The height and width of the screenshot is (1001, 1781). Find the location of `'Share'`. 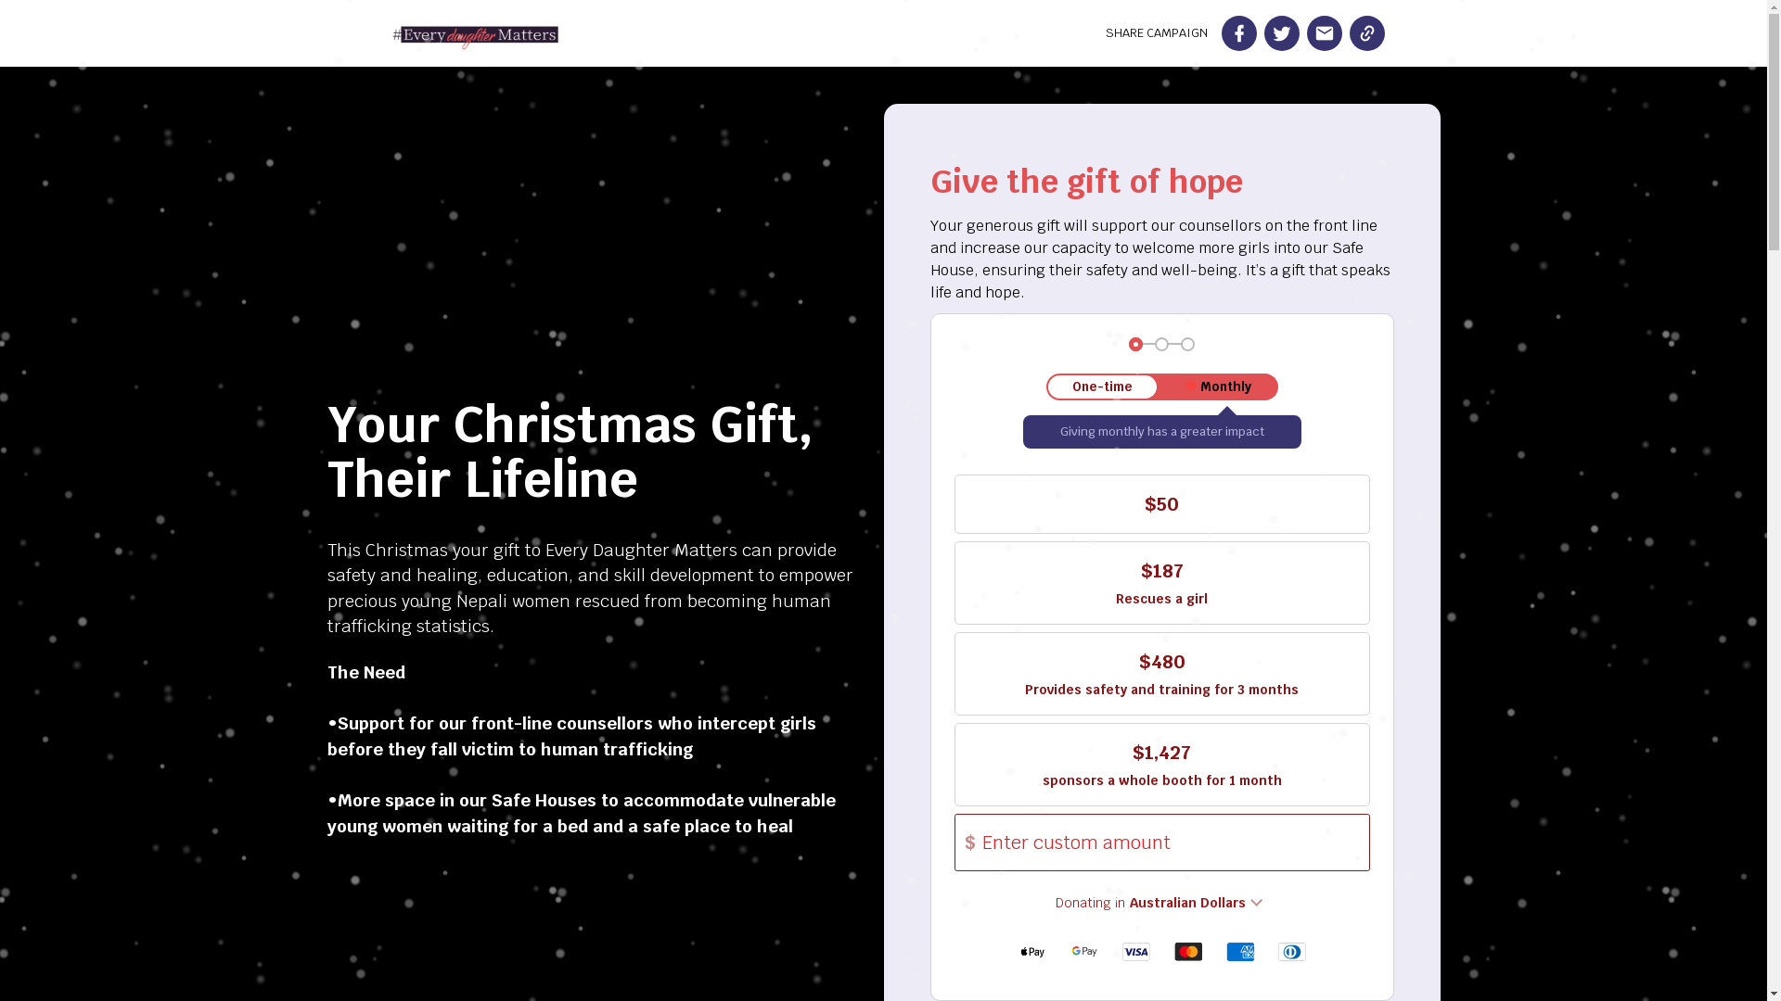

'Share' is located at coordinates (1237, 32).